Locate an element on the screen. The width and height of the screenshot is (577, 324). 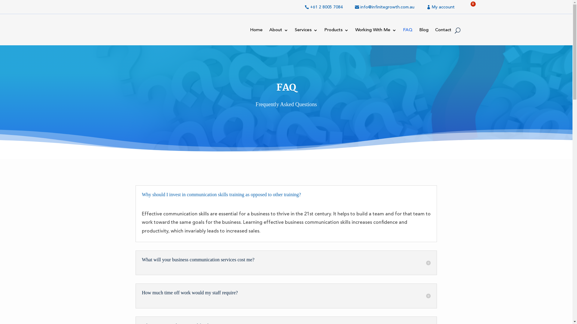
'About' is located at coordinates (278, 31).